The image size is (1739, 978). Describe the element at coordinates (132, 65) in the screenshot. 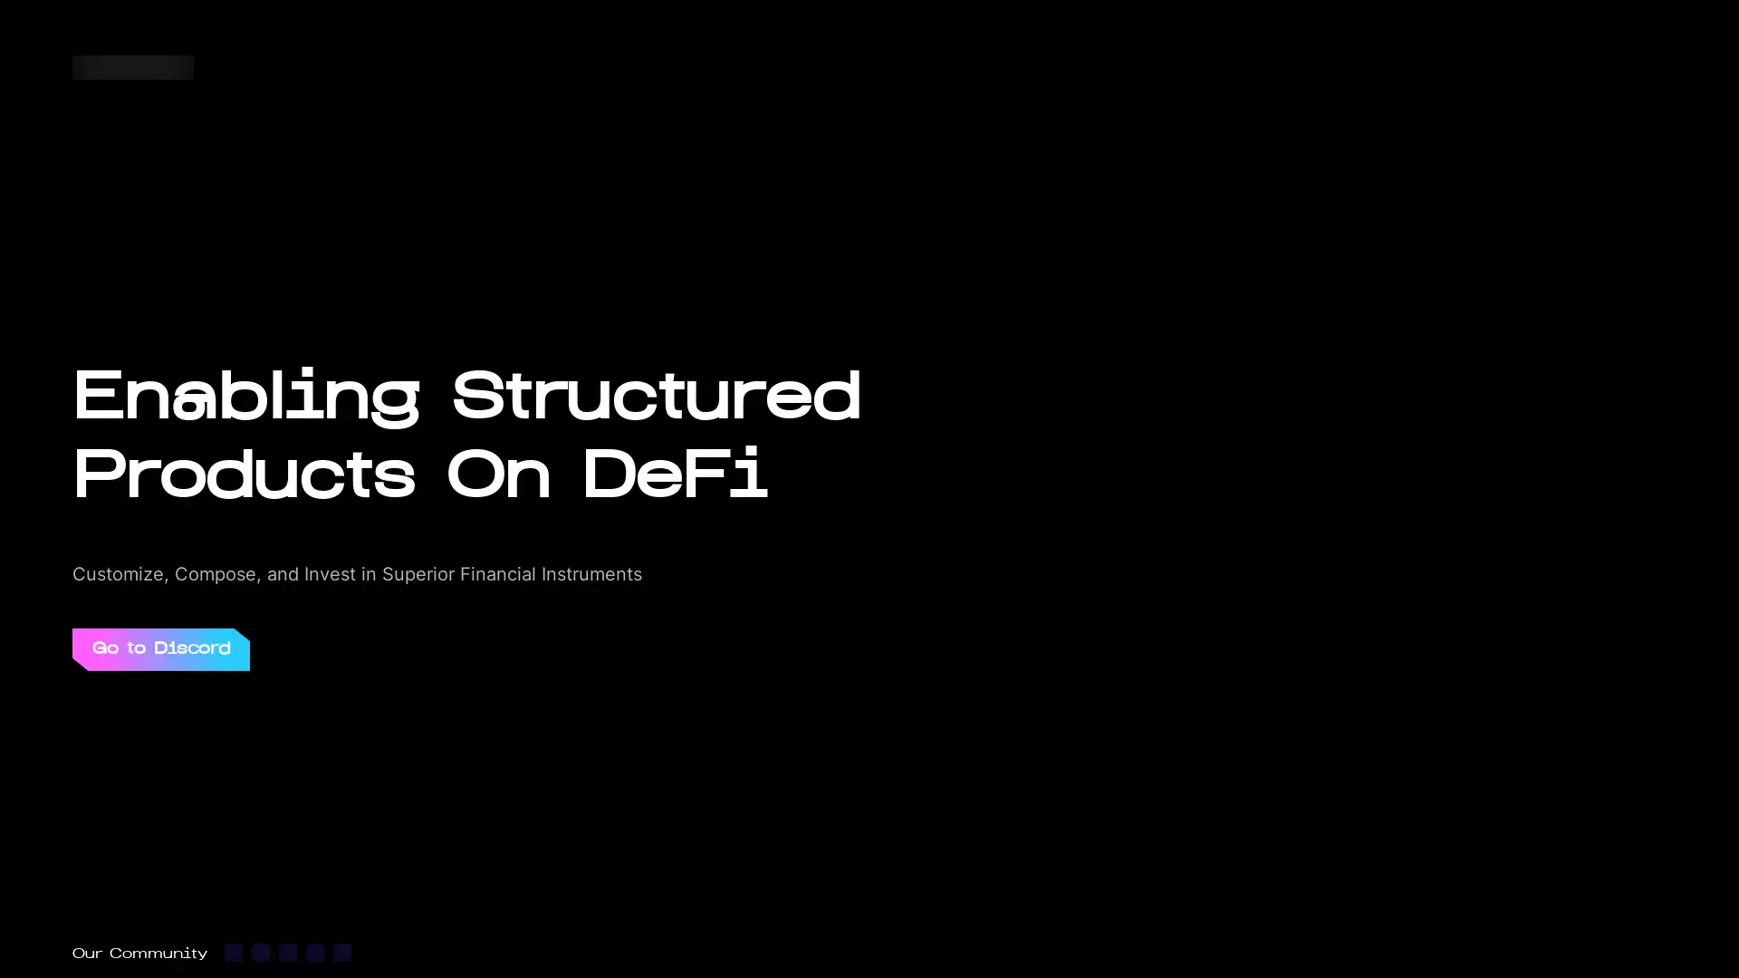

I see `Struct Logo` at that location.